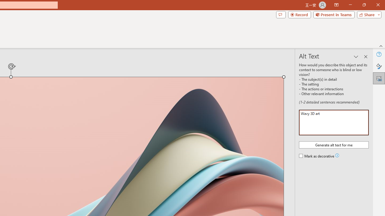  Describe the element at coordinates (334, 145) in the screenshot. I see `'Generate alt text for me'` at that location.